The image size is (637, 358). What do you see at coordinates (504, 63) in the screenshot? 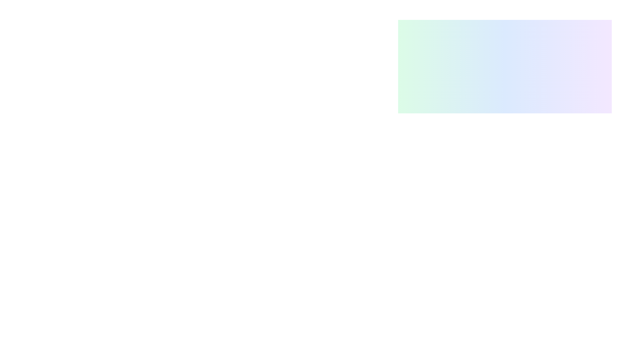
I see `the visually appealing box with a gradient background transitioning from green to blue to purple, located in the top-right section of the interface` at bounding box center [504, 63].